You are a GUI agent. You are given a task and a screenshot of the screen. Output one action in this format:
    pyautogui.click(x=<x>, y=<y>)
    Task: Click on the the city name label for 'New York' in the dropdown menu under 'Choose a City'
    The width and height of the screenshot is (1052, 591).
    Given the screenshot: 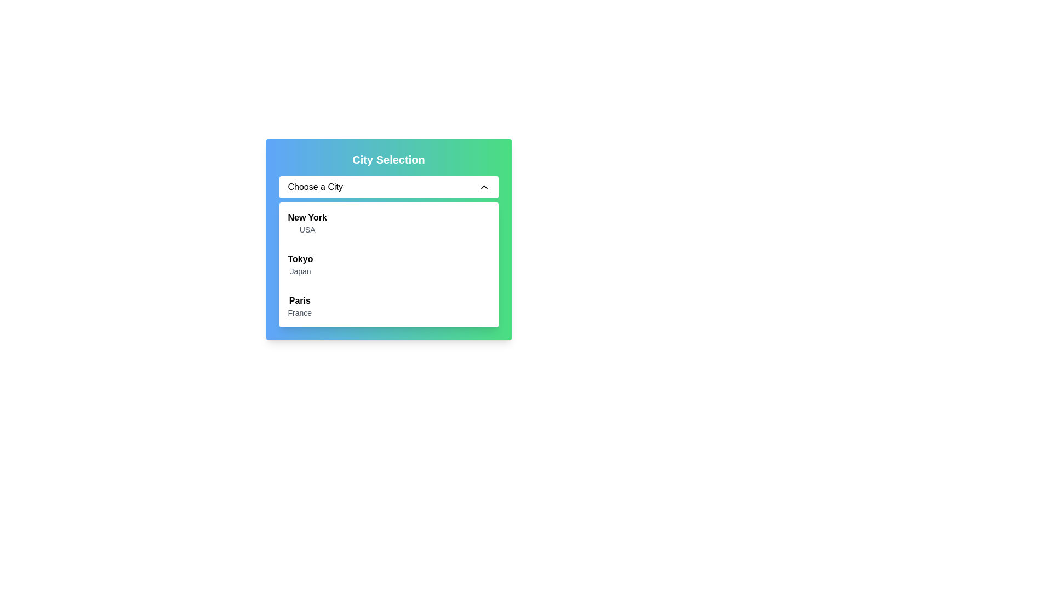 What is the action you would take?
    pyautogui.click(x=307, y=217)
    